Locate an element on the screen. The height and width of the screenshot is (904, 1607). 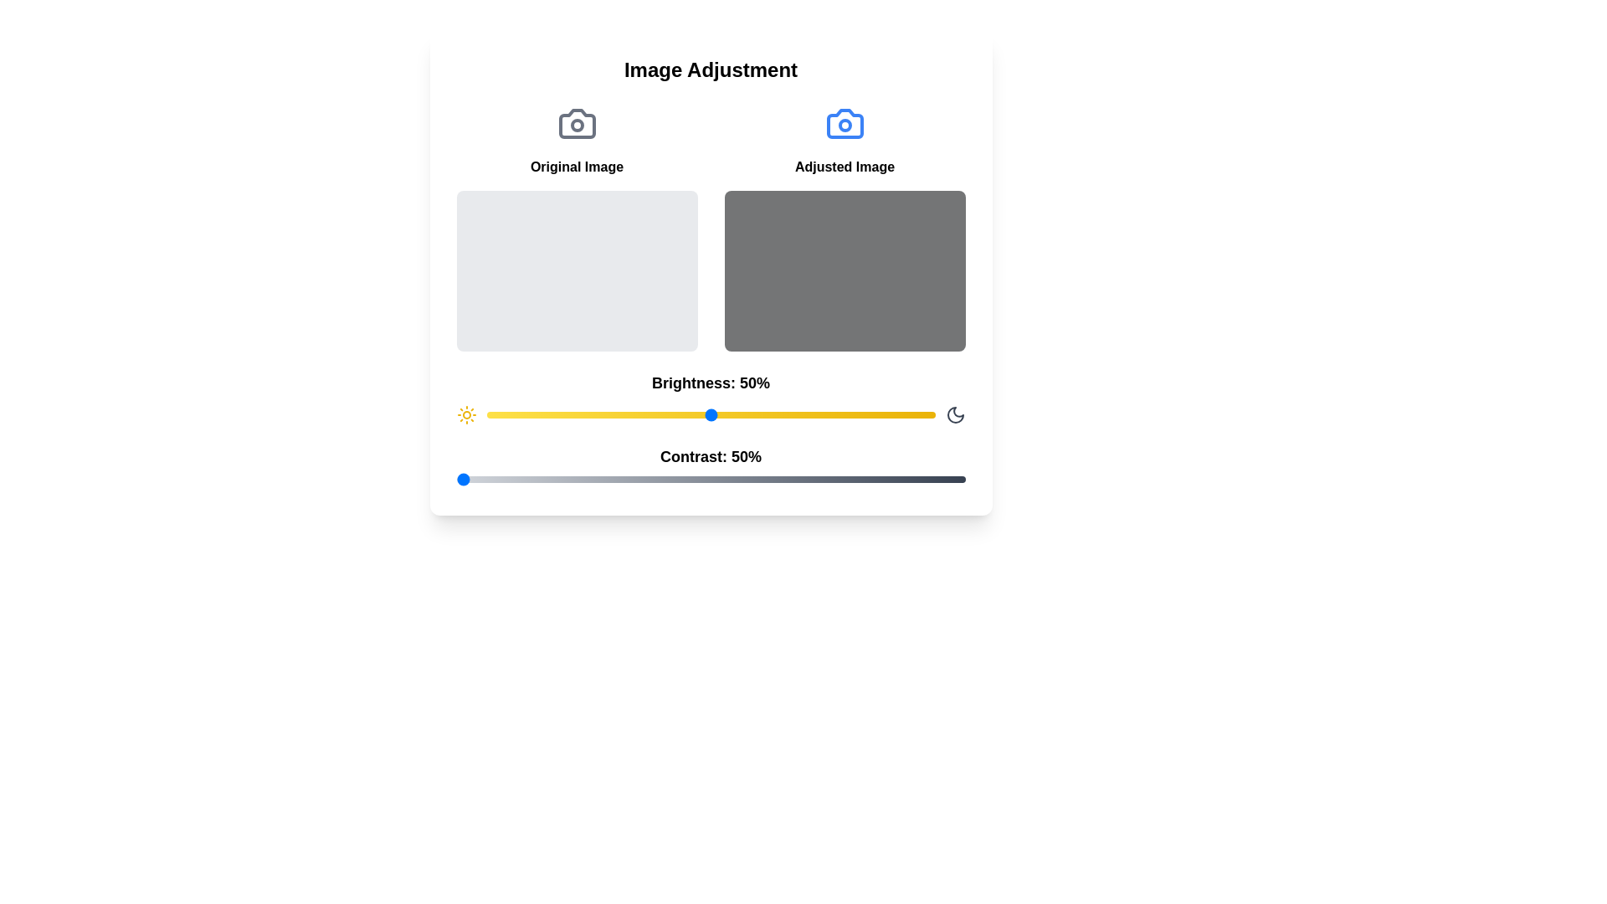
brightness is located at coordinates (697, 414).